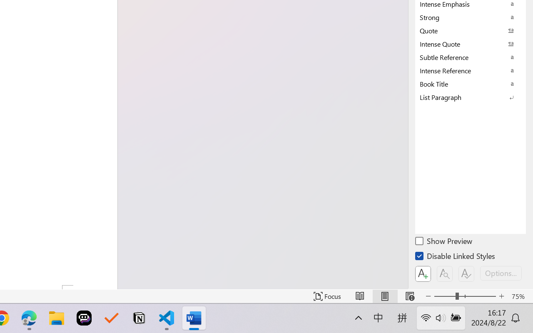 The width and height of the screenshot is (533, 333). I want to click on 'Show Preview', so click(444, 242).